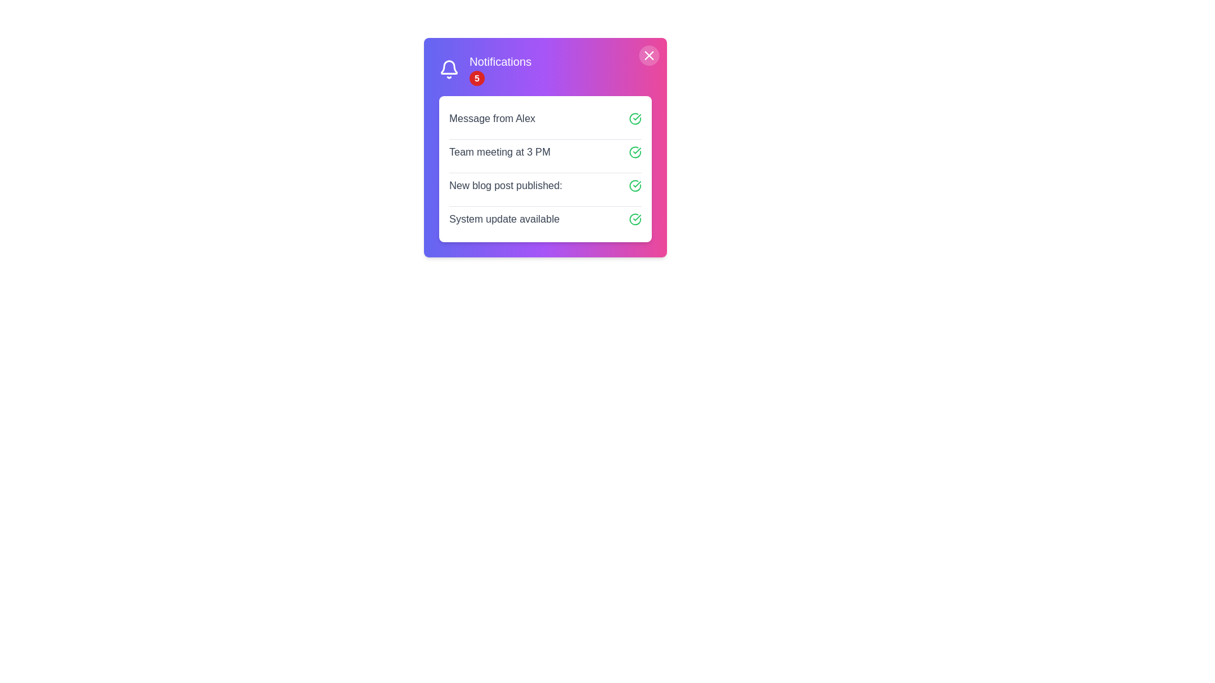  Describe the element at coordinates (649, 55) in the screenshot. I see `the close button located in the top-right corner of the notification card to observe a visual effect` at that location.